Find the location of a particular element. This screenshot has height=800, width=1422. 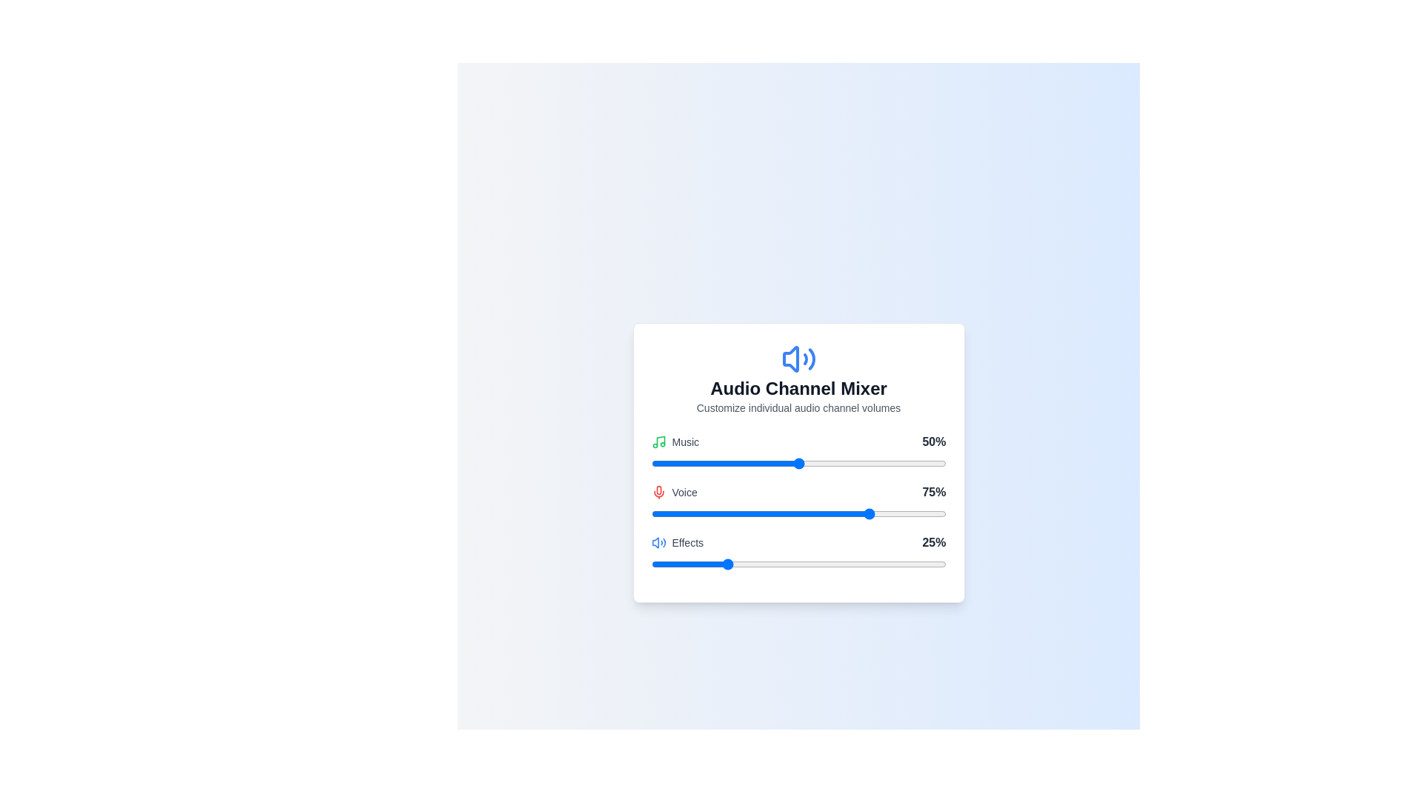

the microphone icon with bold red coloring located to the left of the 'Voice' label in the 'Audio Channel Mixer' interface is located at coordinates (658, 492).